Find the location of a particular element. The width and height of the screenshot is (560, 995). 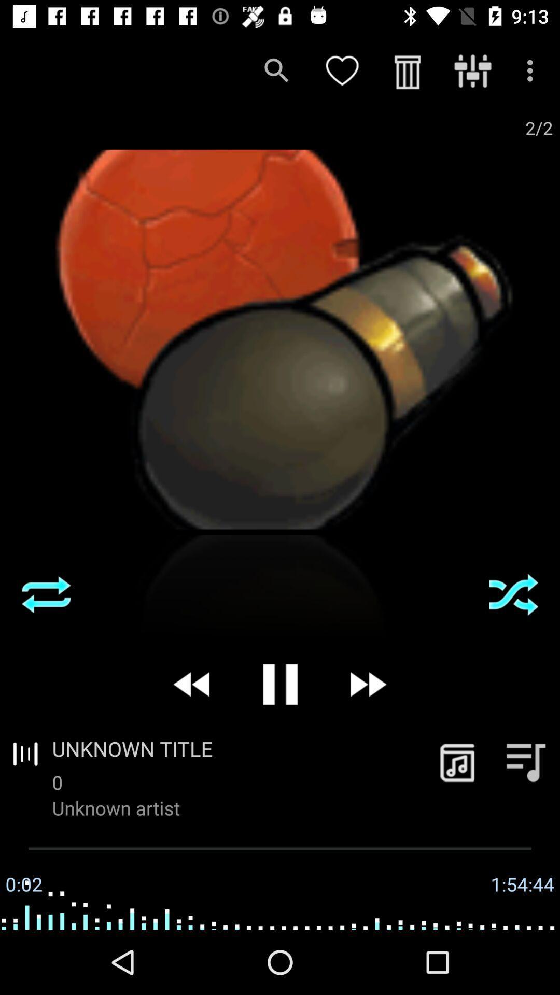

song information is located at coordinates (457, 762).